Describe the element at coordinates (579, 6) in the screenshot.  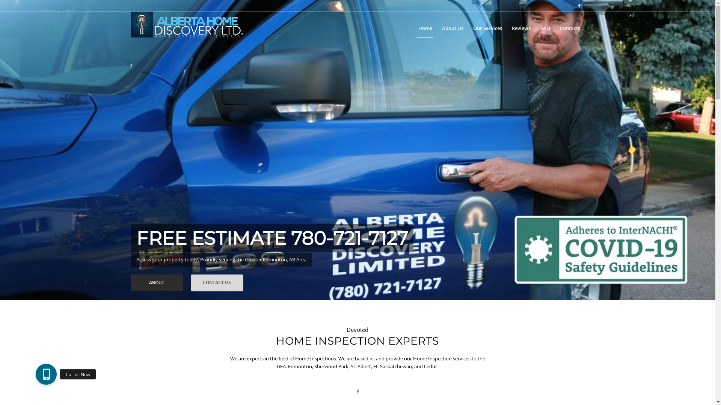
I see `'Facebook'` at that location.